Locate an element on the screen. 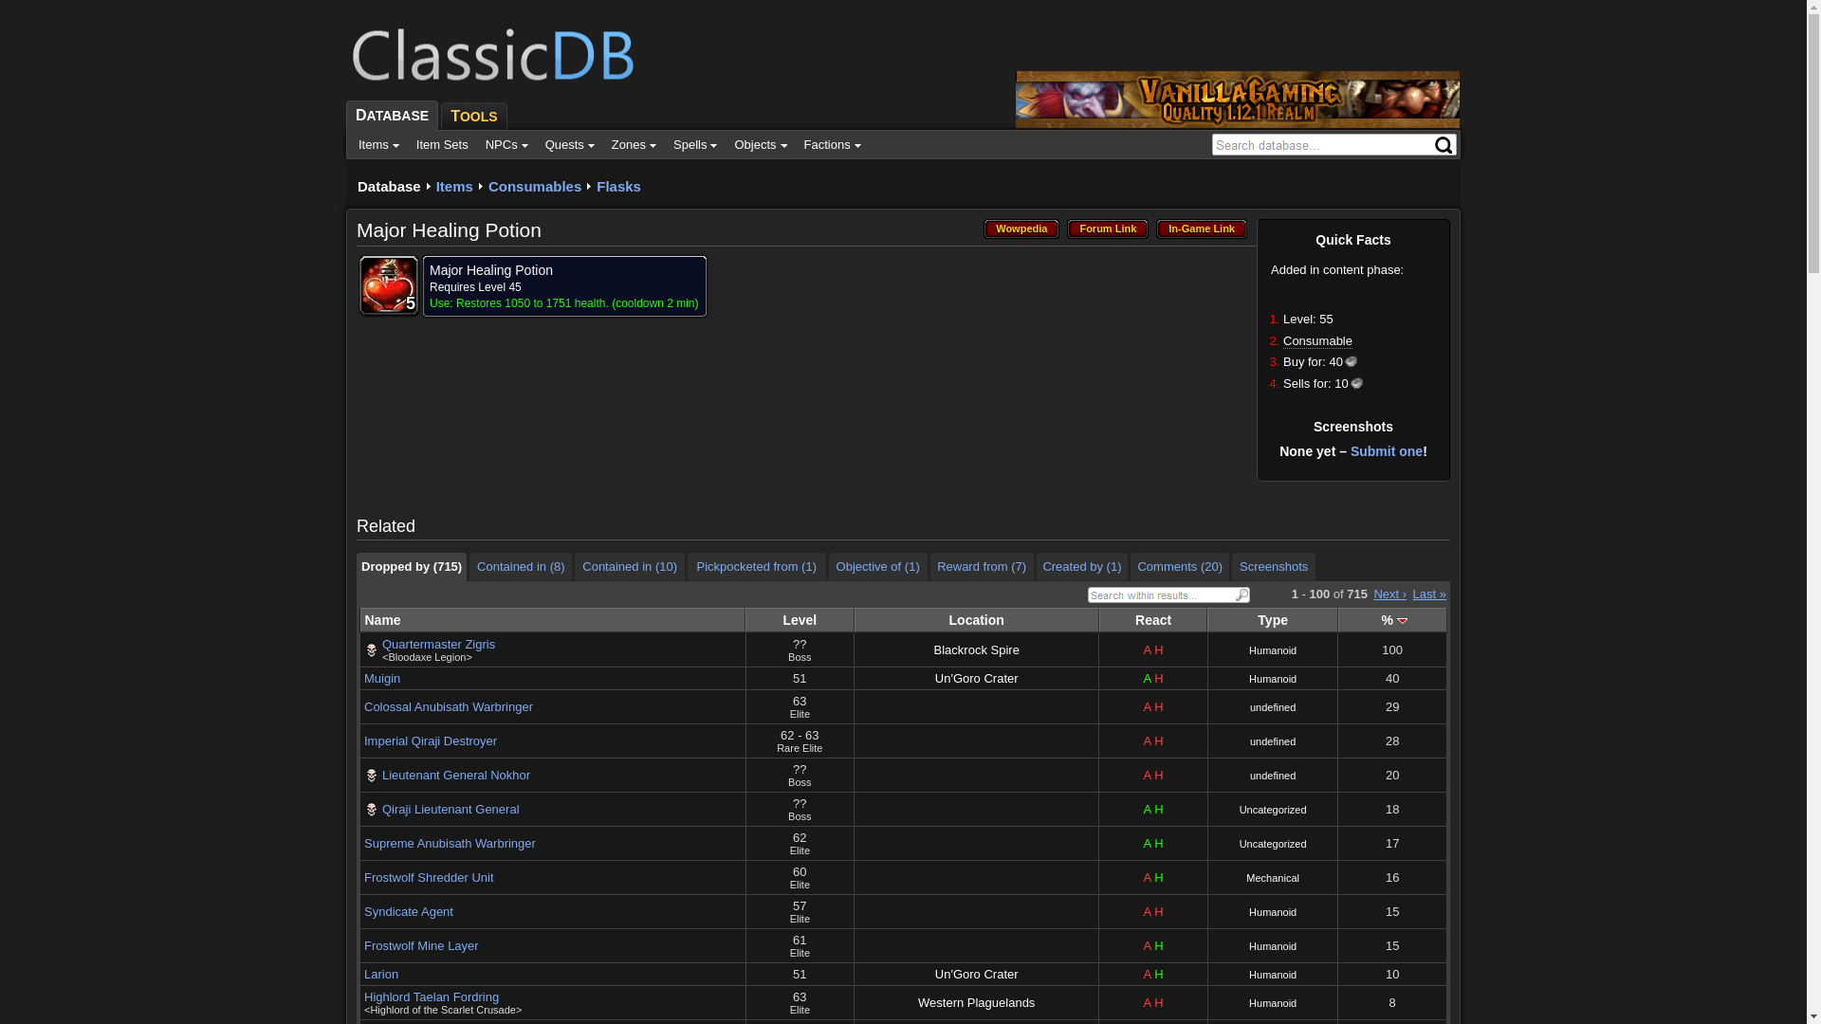  'Wowpedia is located at coordinates (1020, 228).